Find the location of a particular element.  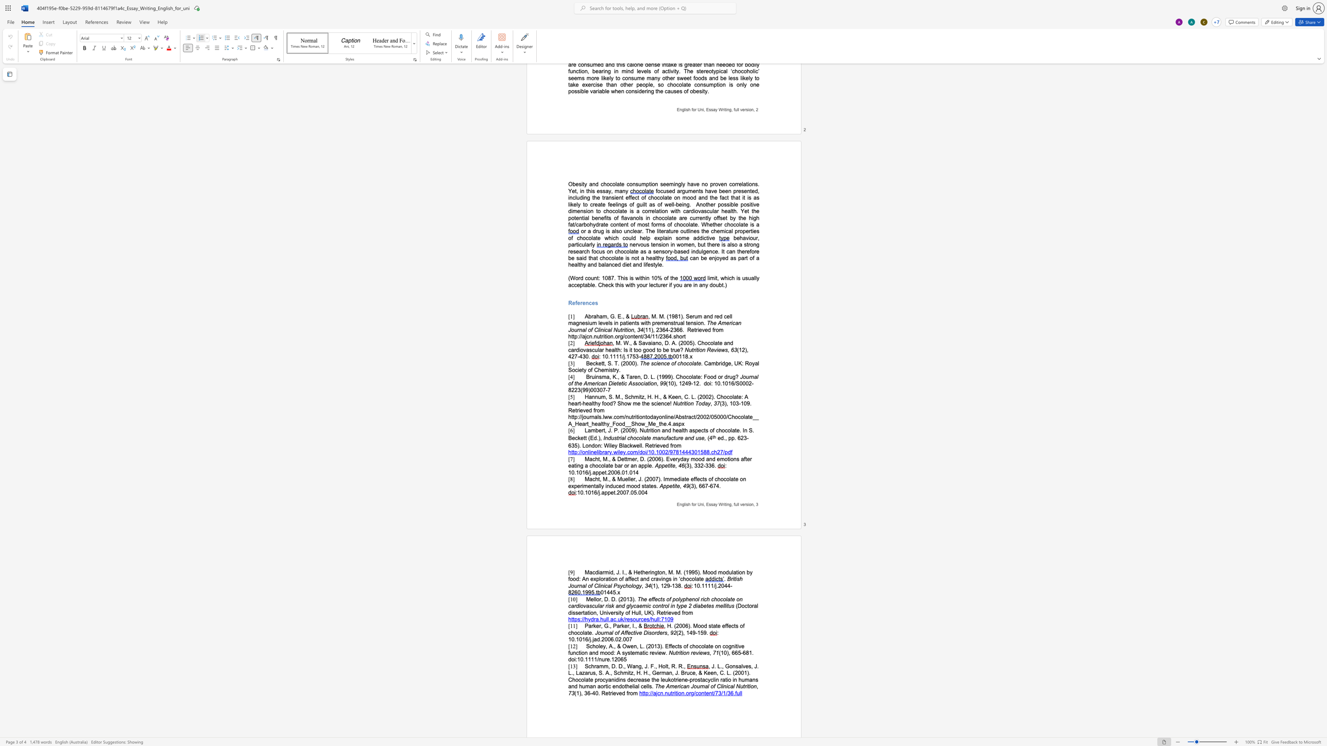

the space between the continuous character "r" and "i" in the text is located at coordinates (723, 504).